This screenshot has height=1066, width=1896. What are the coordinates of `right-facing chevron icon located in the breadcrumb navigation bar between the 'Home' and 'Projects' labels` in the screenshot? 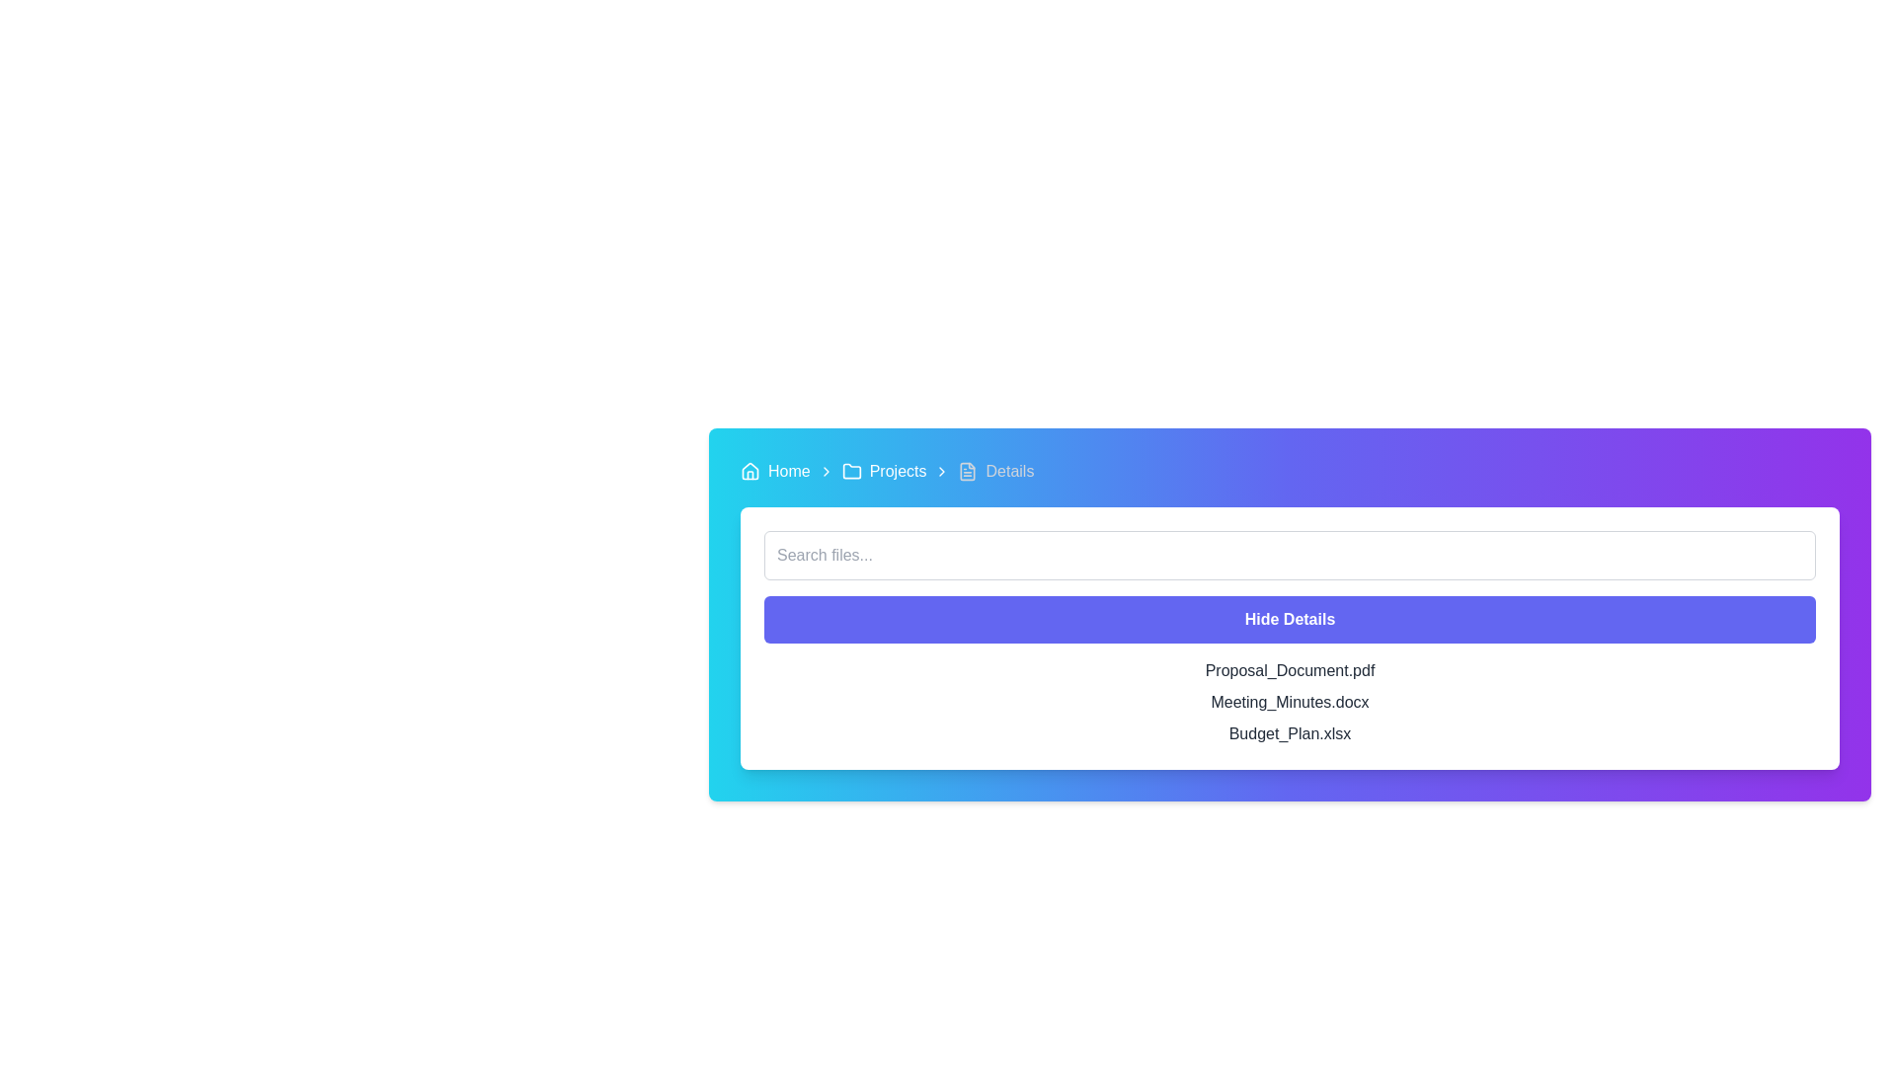 It's located at (826, 472).